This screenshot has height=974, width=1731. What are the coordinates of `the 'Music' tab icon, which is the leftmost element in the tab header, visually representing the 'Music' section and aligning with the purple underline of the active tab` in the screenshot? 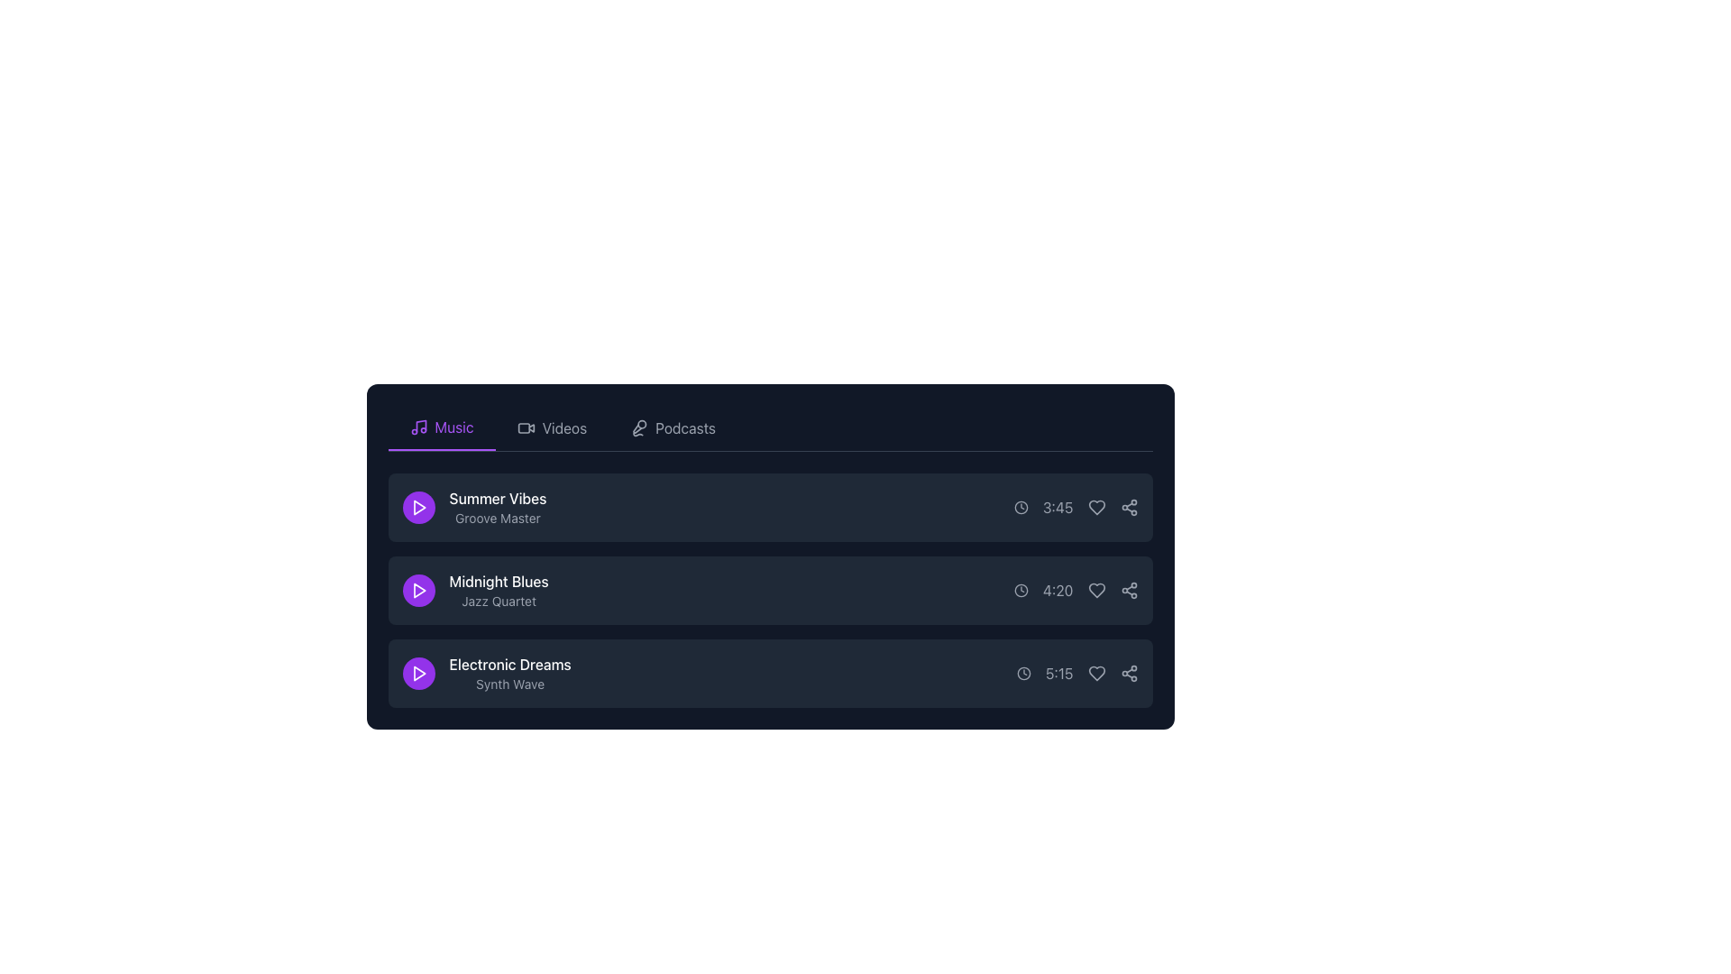 It's located at (417, 427).